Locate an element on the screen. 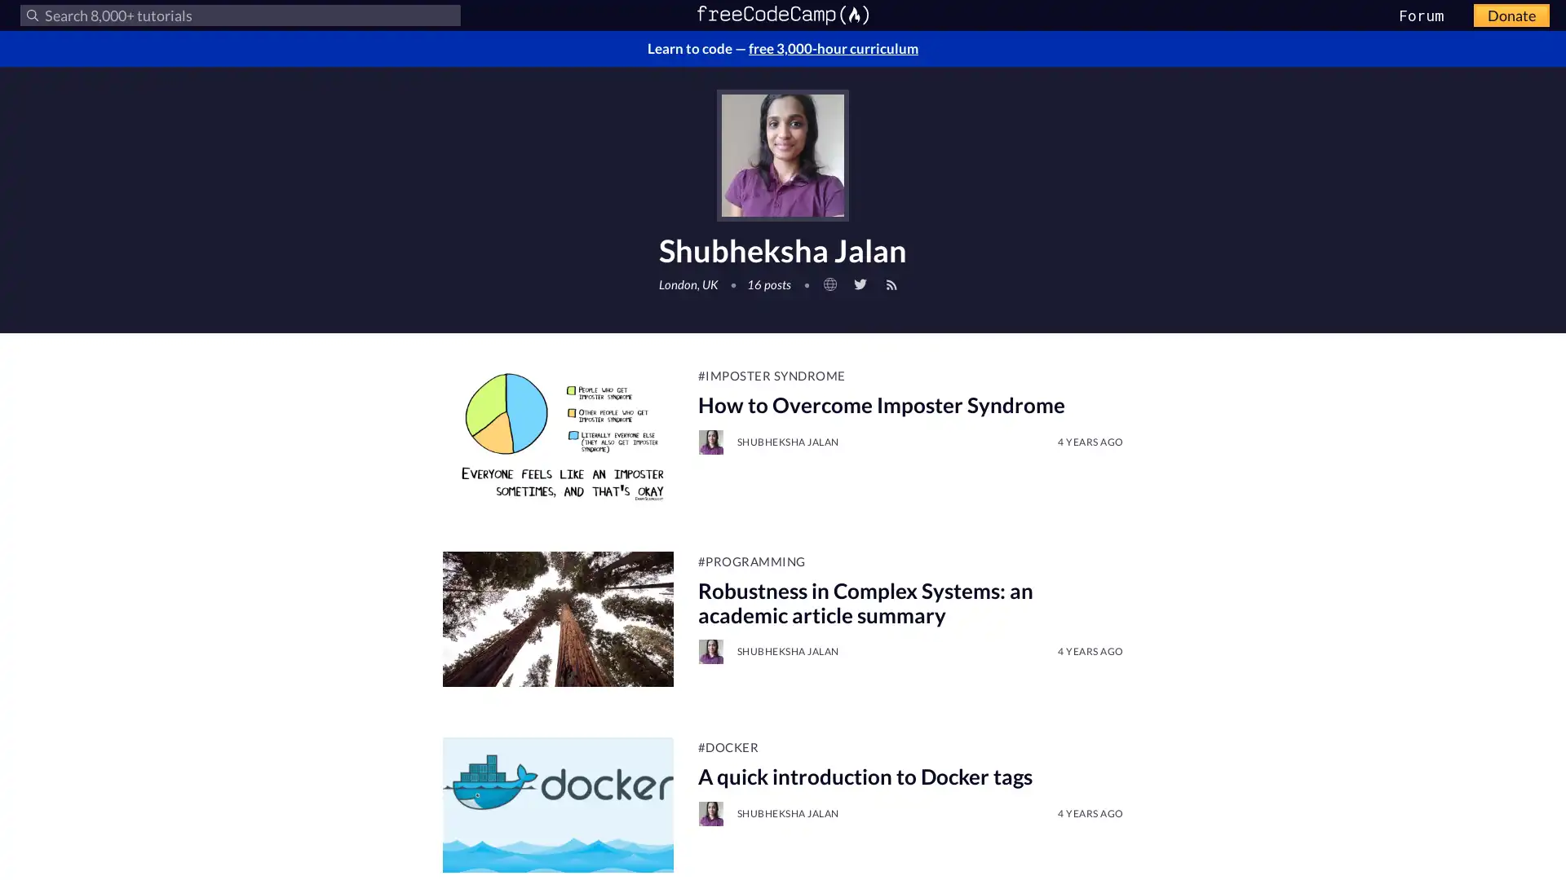 This screenshot has height=880, width=1566. Submit your search query is located at coordinates (32, 15).